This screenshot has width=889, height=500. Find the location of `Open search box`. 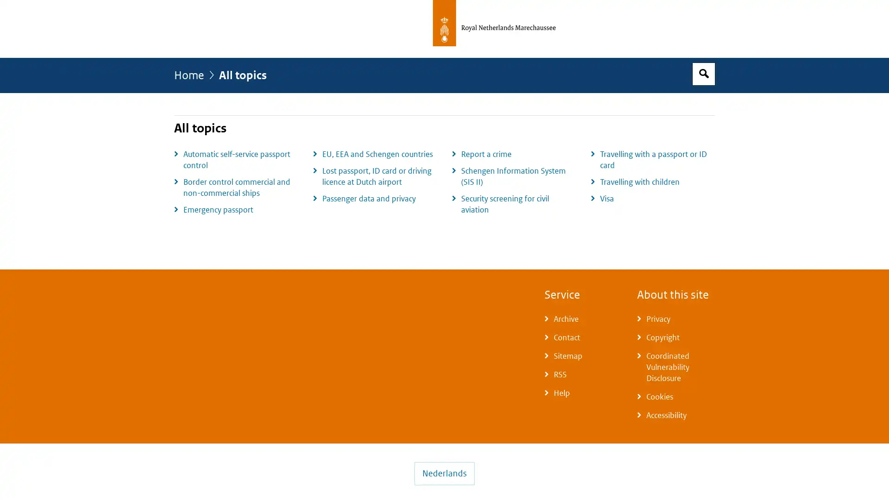

Open search box is located at coordinates (704, 73).